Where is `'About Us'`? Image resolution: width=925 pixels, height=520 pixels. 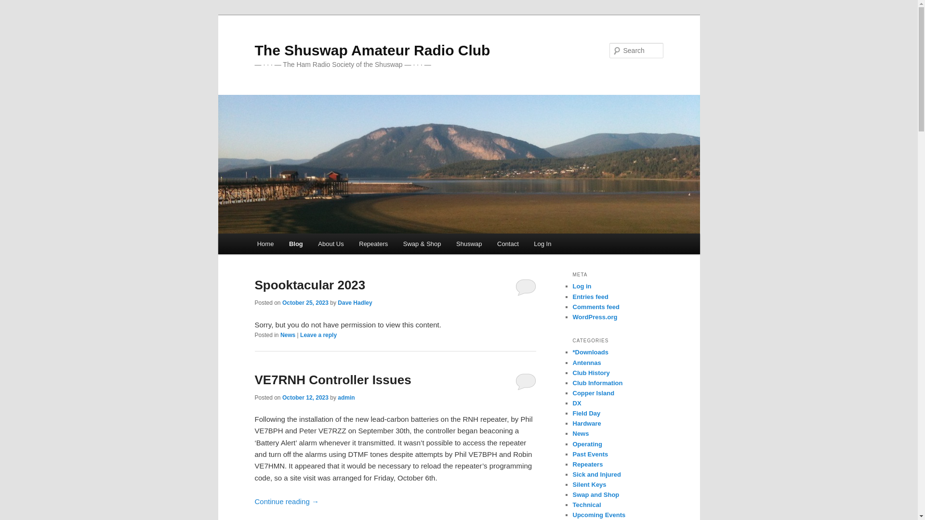 'About Us' is located at coordinates (331, 243).